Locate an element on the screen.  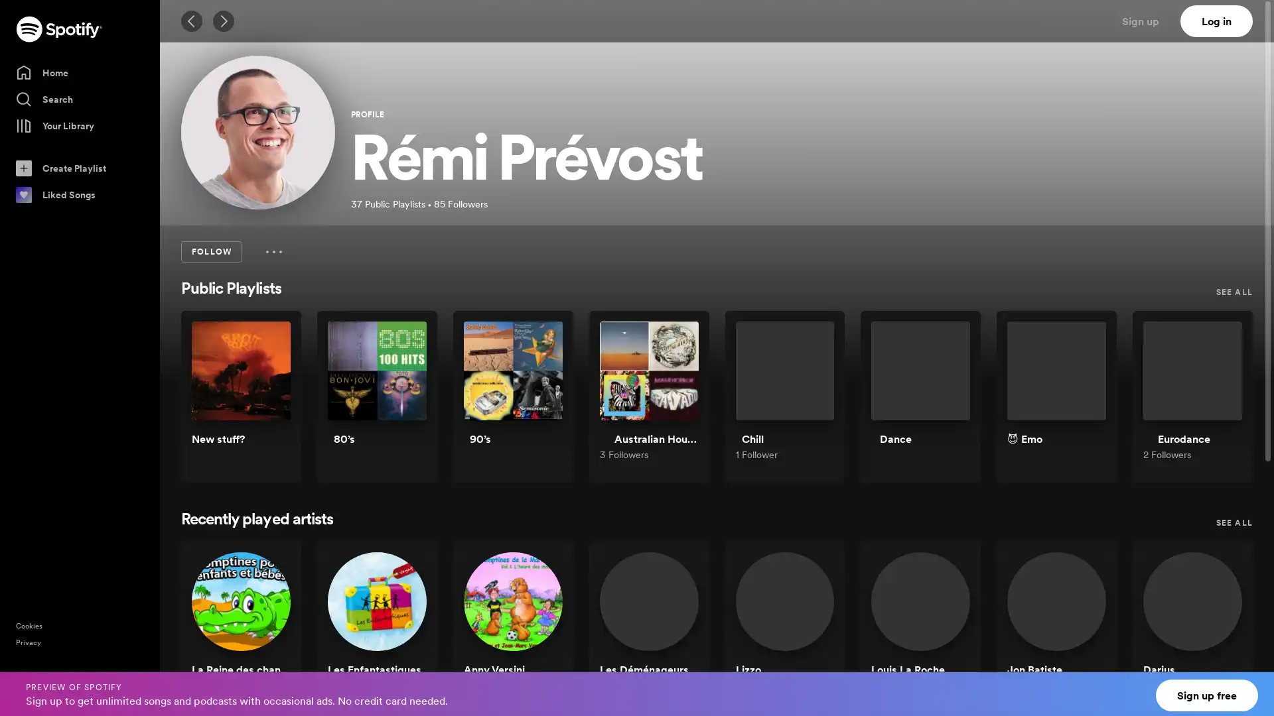
Play Les Enfantastiques is located at coordinates (403, 633).